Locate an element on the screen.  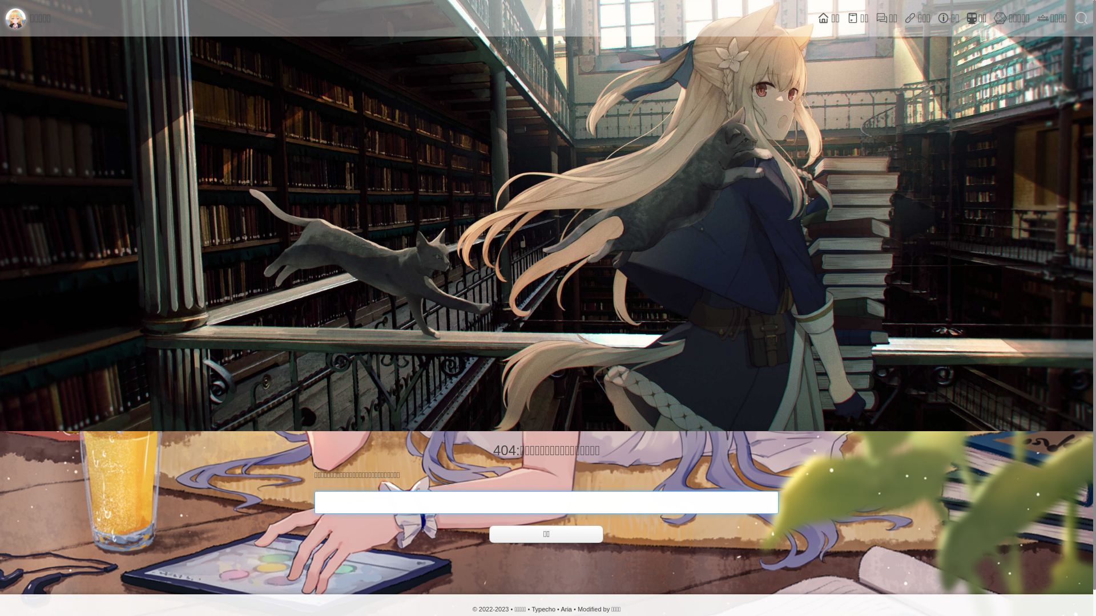
'Typecho' is located at coordinates (542, 609).